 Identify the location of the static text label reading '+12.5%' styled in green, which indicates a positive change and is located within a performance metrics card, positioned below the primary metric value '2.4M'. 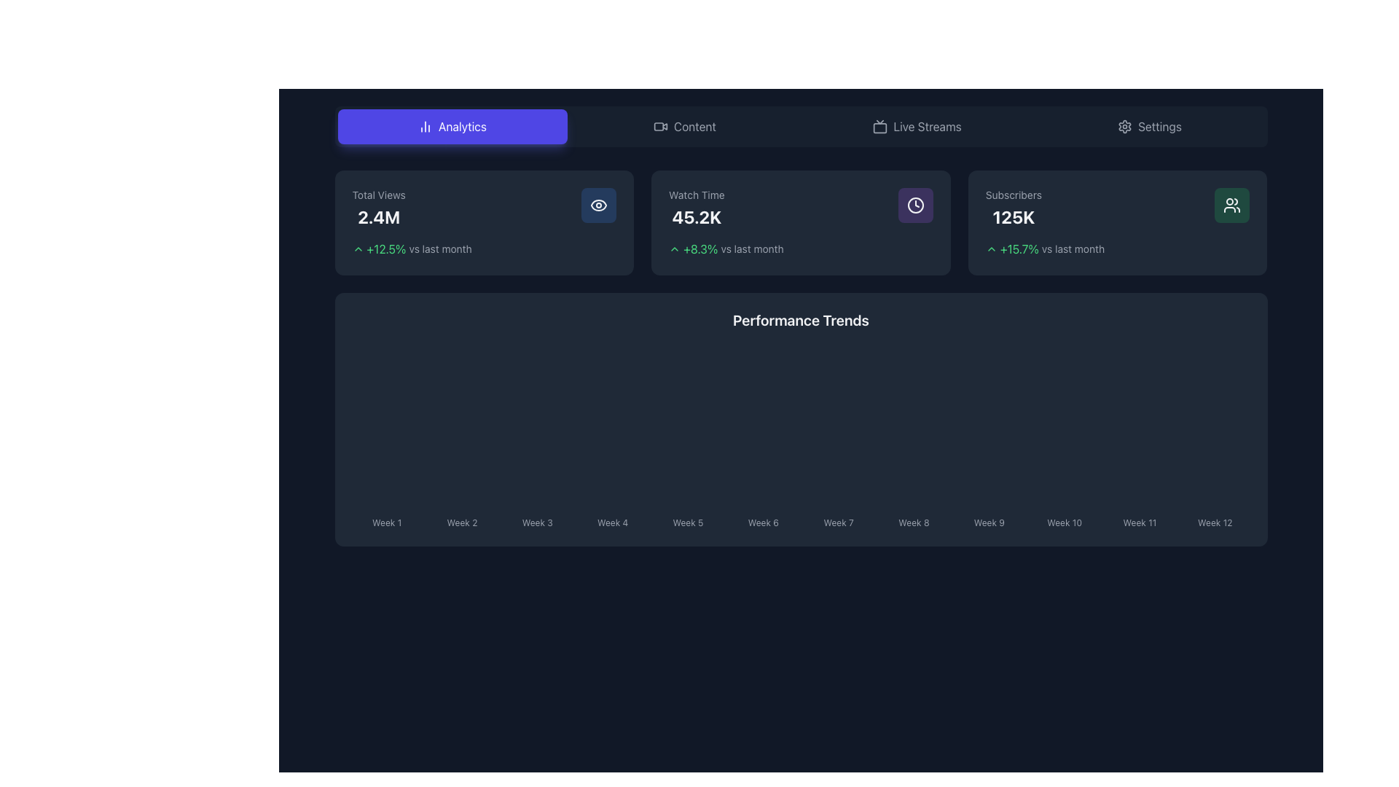
(386, 248).